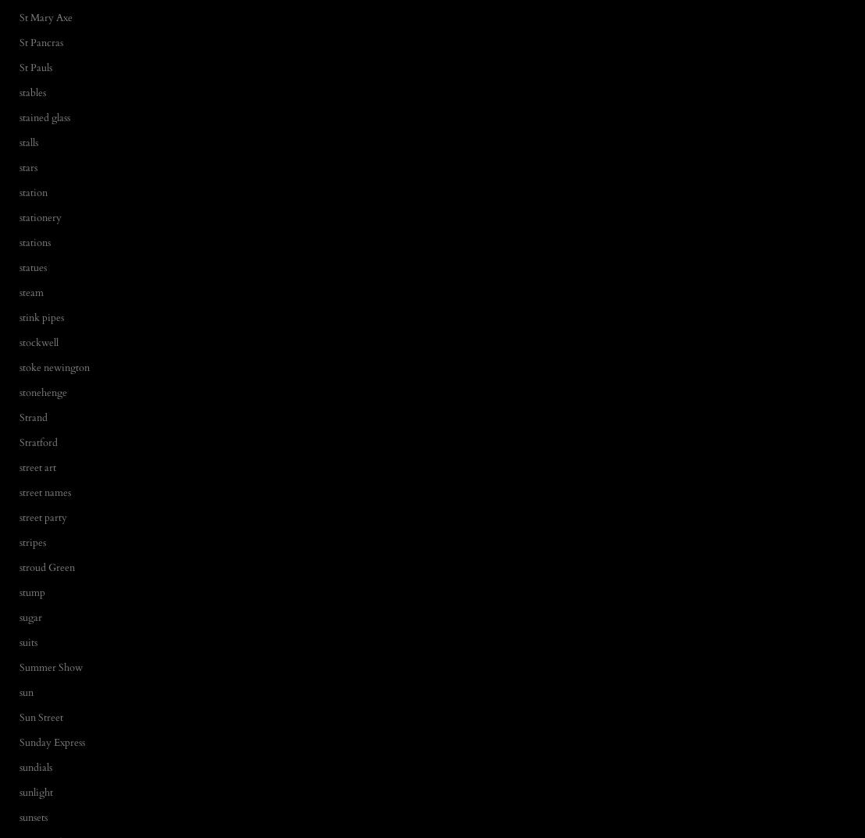 The width and height of the screenshot is (865, 838). What do you see at coordinates (34, 241) in the screenshot?
I see `'stations'` at bounding box center [34, 241].